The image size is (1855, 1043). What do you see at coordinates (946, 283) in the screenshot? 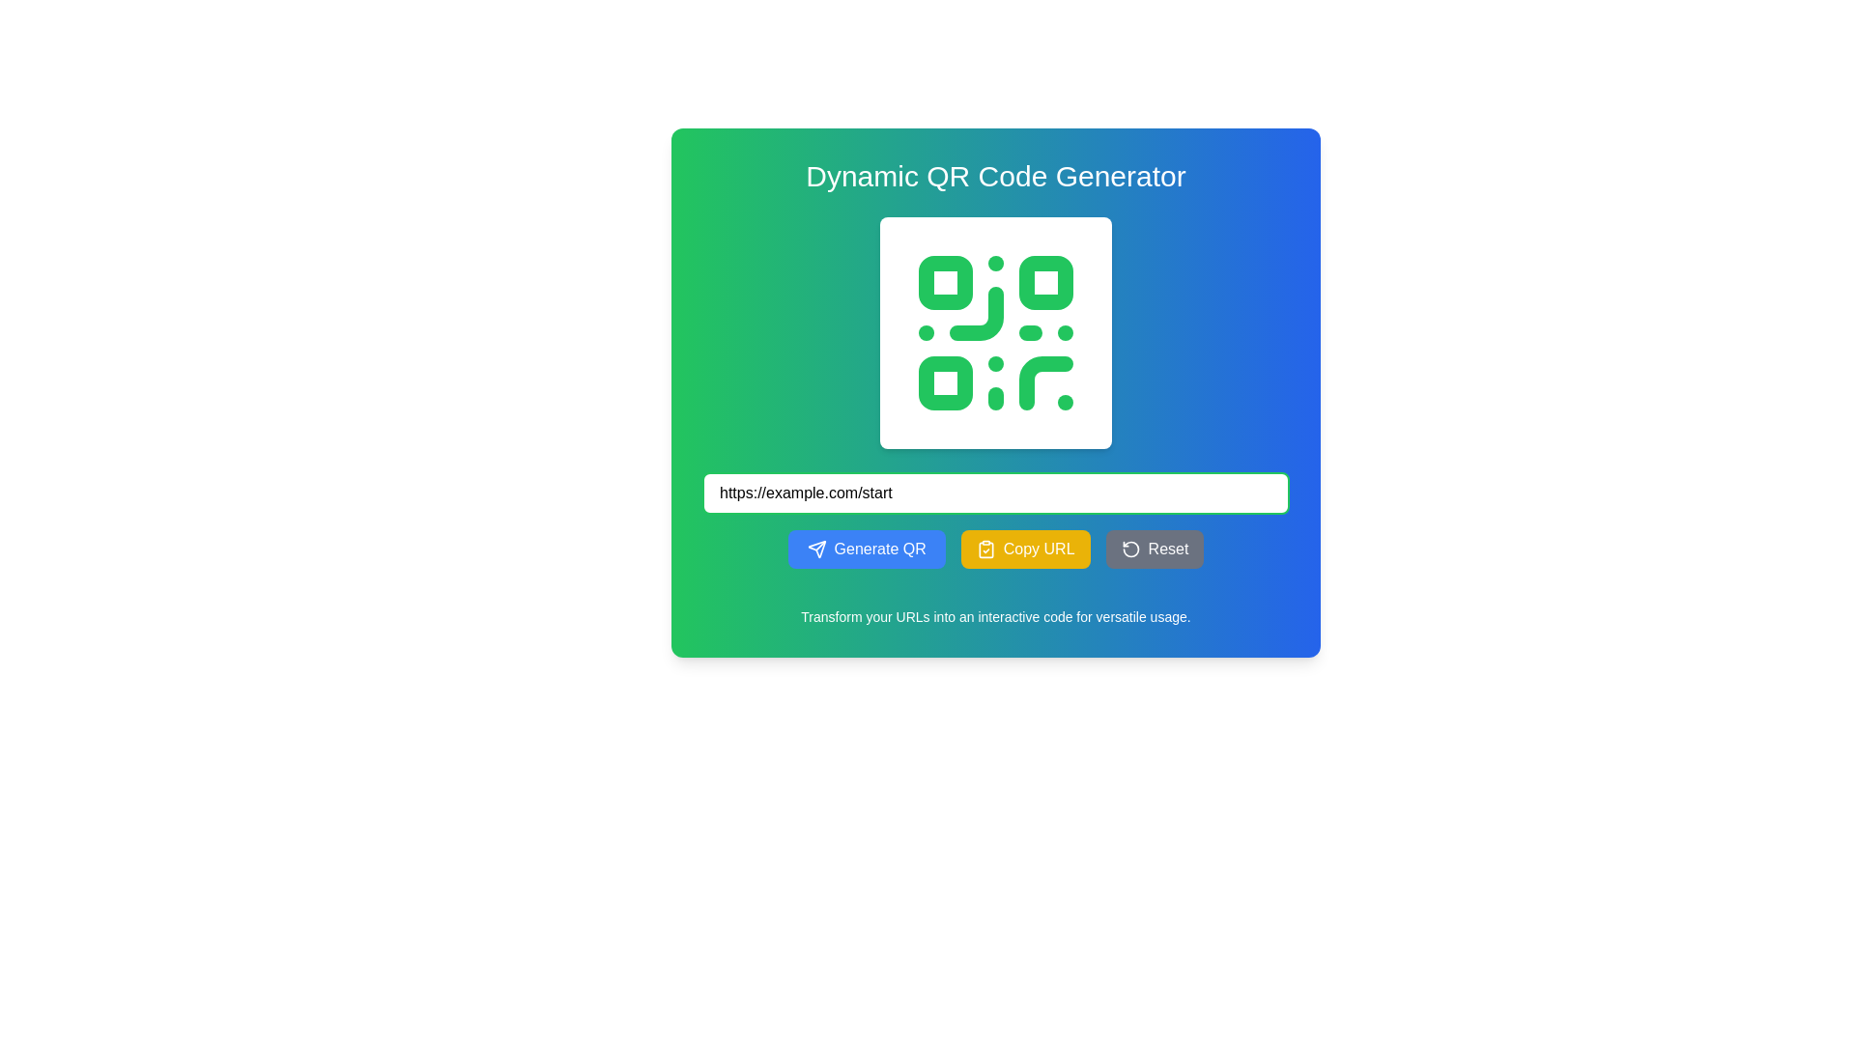
I see `the top-left corner QR Code alignment square, which is a small white square with rounded corners within a green square in the QR code generator interface` at bounding box center [946, 283].